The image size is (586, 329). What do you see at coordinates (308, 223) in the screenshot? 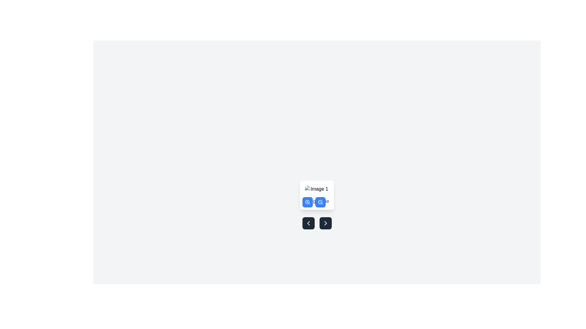
I see `the rectangular button with rounded corners, styled with a dark gray background and a white left-chevron icon, located on the left side below a central image preview` at bounding box center [308, 223].